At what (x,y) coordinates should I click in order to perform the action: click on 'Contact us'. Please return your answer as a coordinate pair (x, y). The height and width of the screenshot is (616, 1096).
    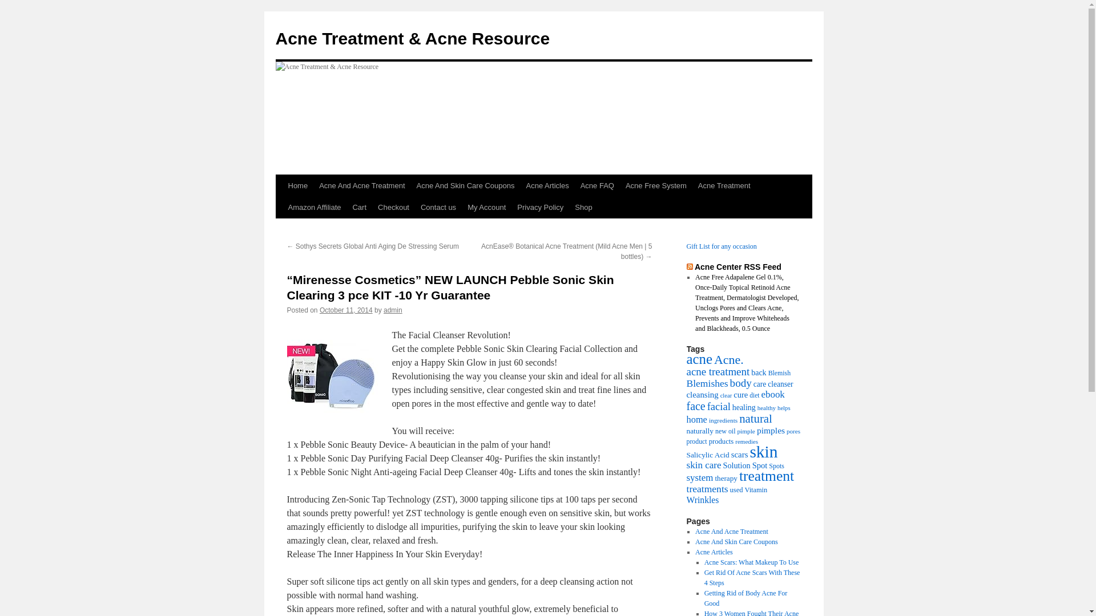
    Looking at the image, I should click on (438, 207).